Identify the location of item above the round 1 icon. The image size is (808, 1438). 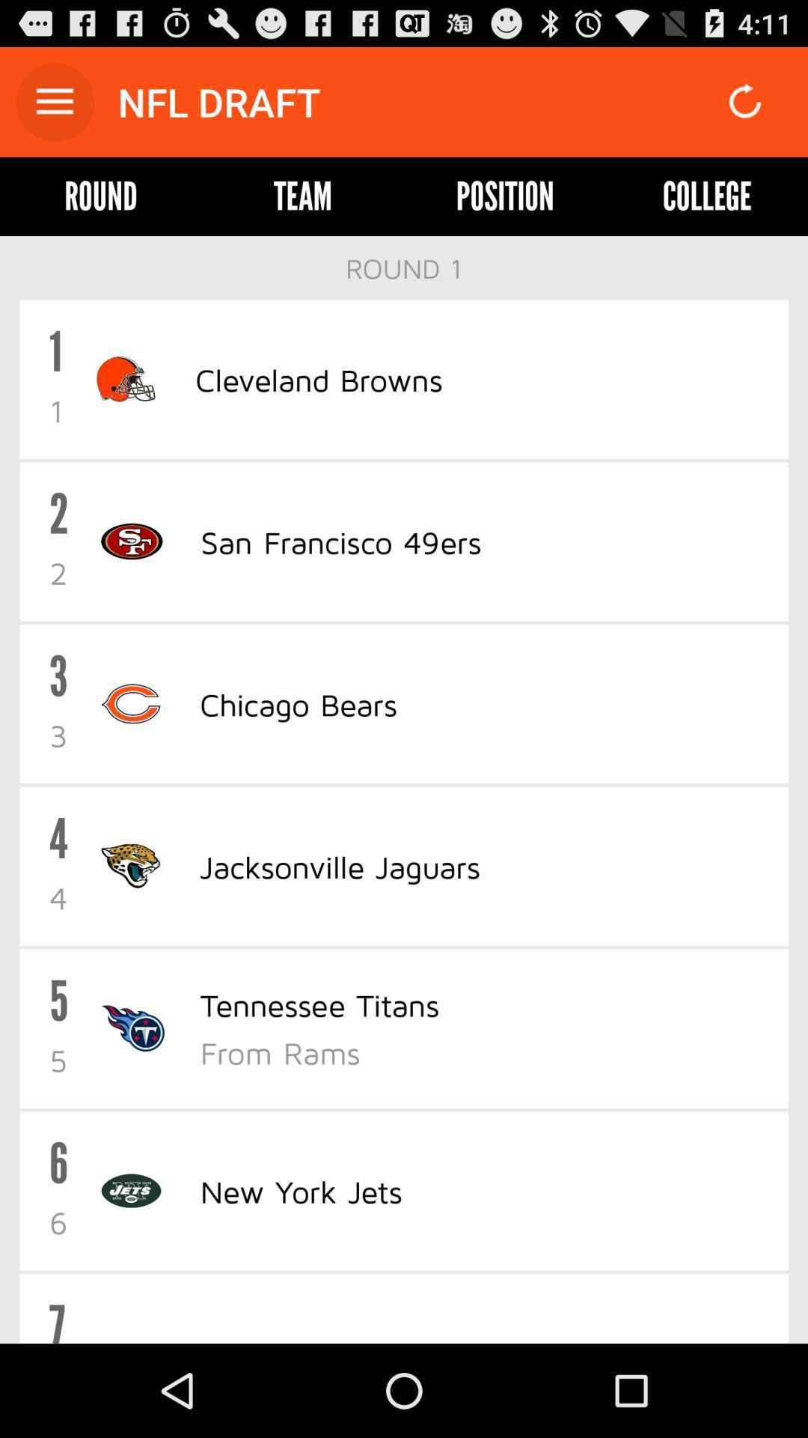
(303, 195).